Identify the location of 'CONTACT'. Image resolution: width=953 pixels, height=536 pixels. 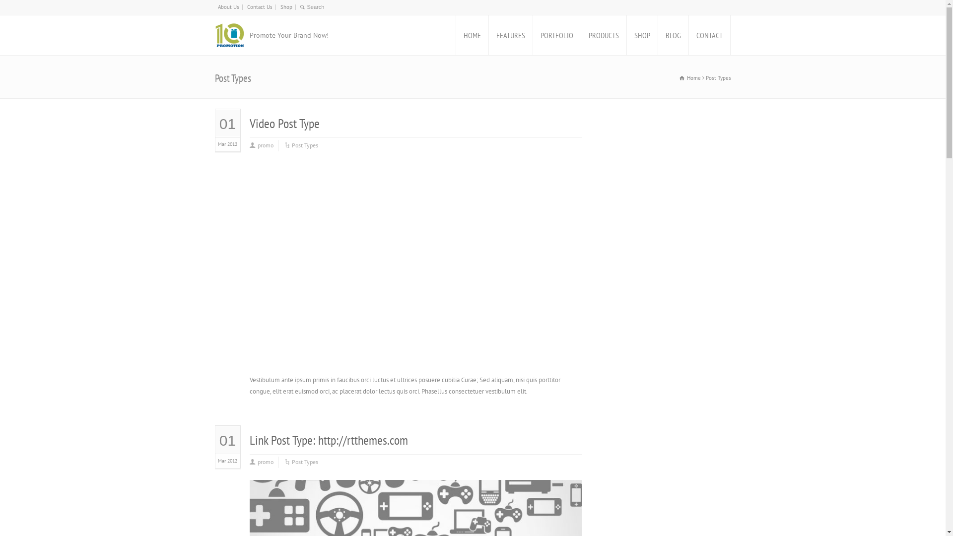
(688, 34).